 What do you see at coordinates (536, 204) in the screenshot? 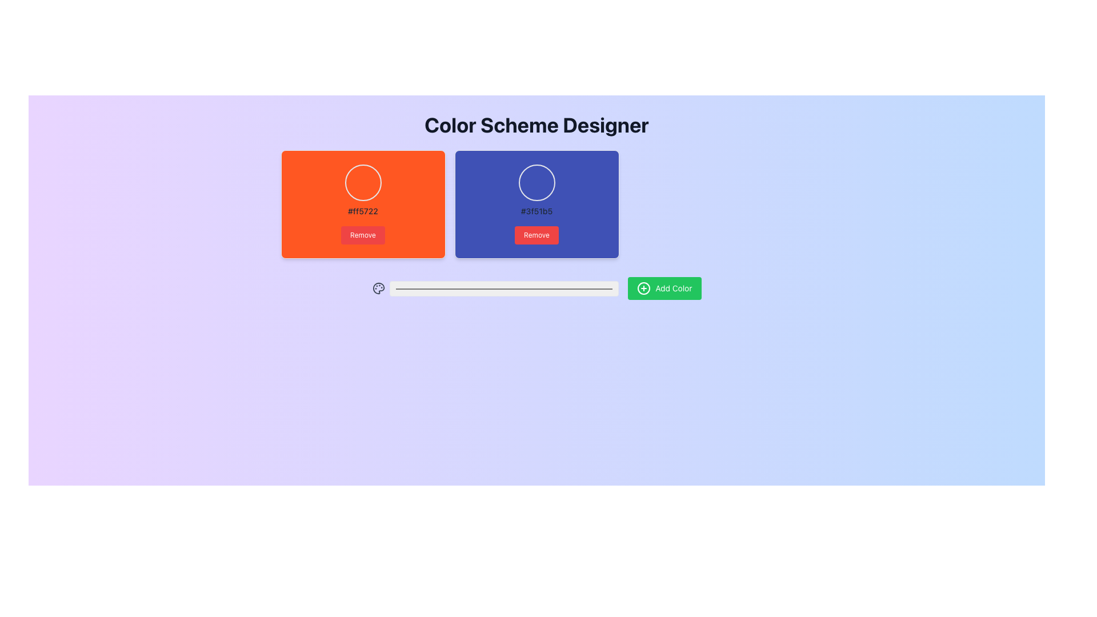
I see `the interactive card with a dark blue background containing the '#3f51b5' text label and a 'Remove' button at the bottom` at bounding box center [536, 204].